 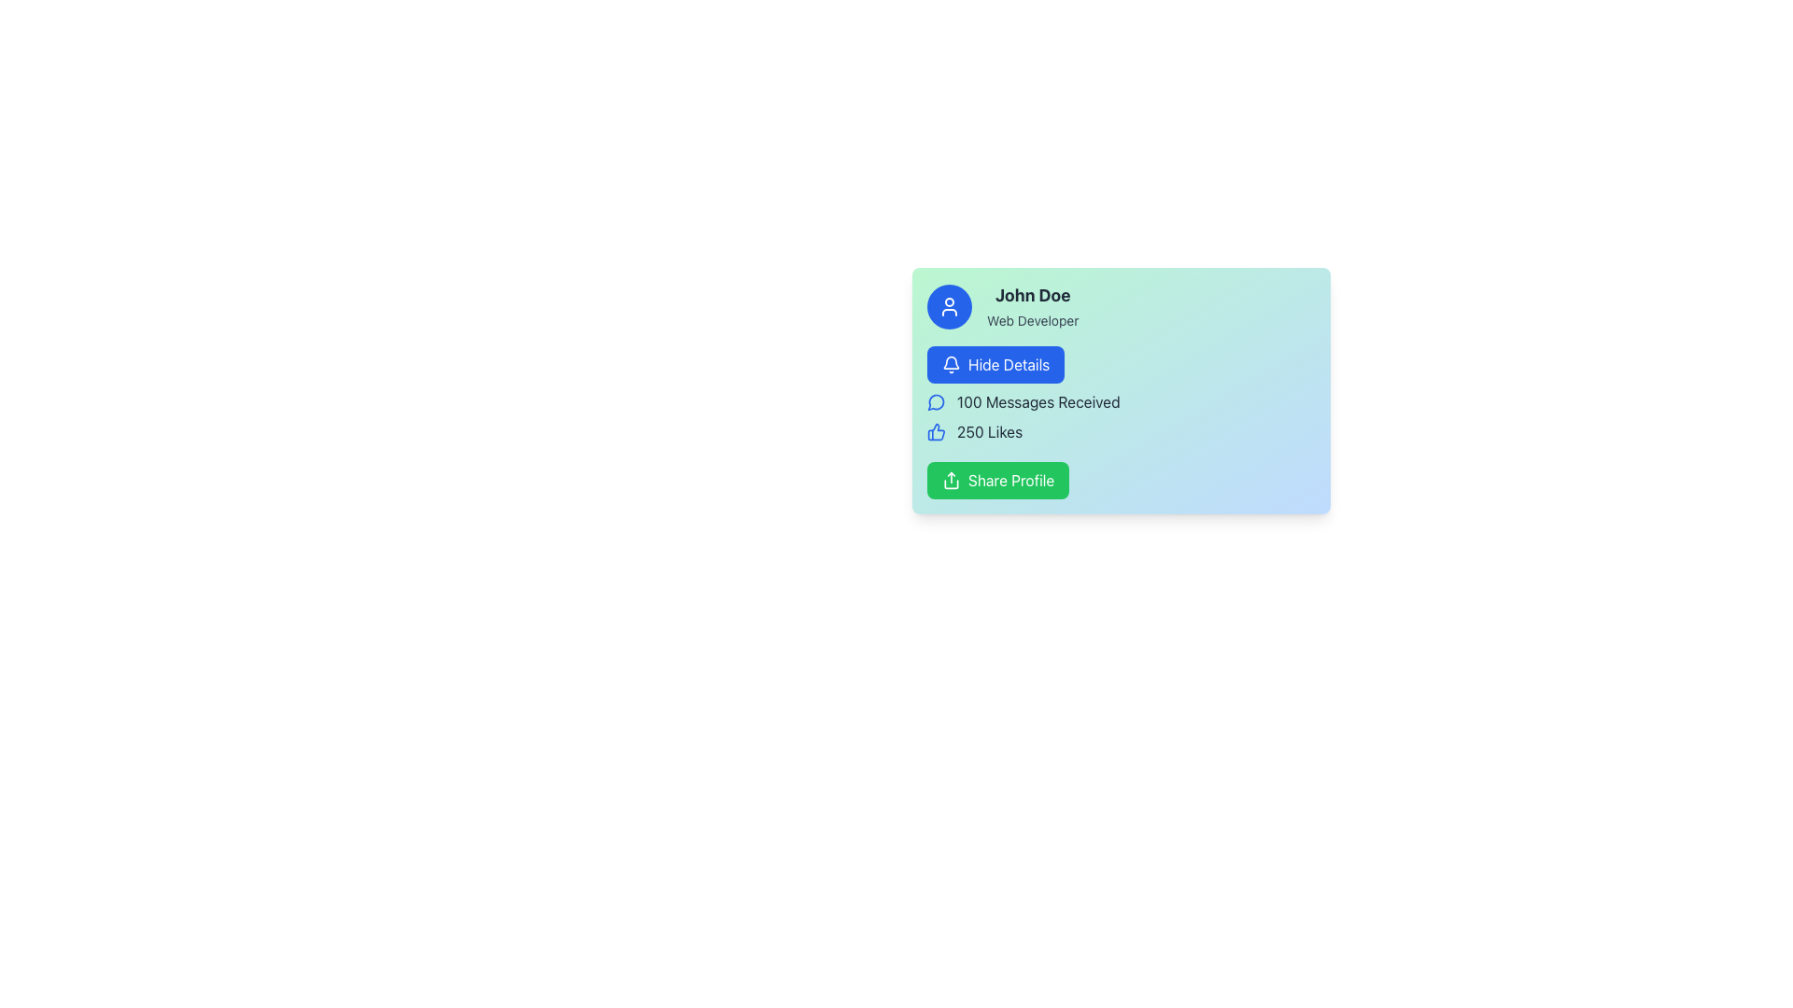 I want to click on the circular user profile icon, which is white on a blue background and located in the top-left corner of the user card, next to the 'John Doe' and 'Web Developer' labels, so click(x=950, y=305).